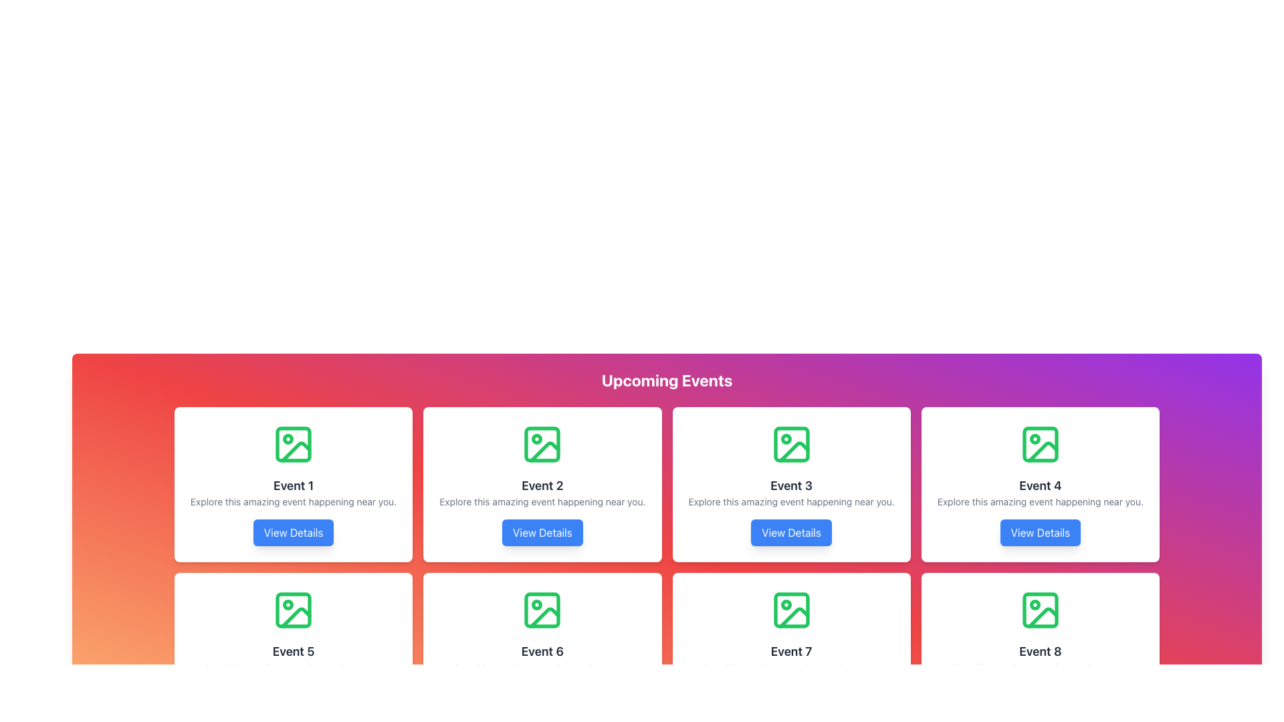 The width and height of the screenshot is (1284, 722). I want to click on event information text from the second card in the first row of the grid layout, which contains the bold text 'Event 2', the description, and the button labeled 'View Details', so click(542, 485).